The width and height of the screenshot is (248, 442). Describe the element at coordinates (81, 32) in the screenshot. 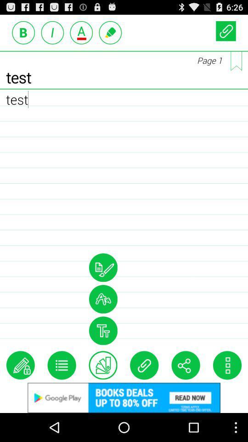

I see `underline the text` at that location.